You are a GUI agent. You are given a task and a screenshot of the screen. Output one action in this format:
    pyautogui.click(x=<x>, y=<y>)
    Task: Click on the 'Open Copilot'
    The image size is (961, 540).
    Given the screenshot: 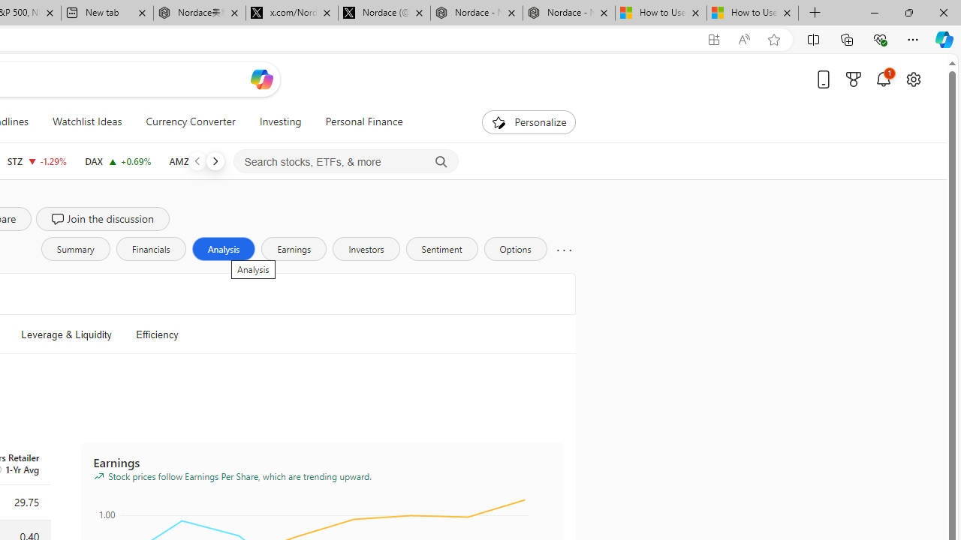 What is the action you would take?
    pyautogui.click(x=261, y=79)
    